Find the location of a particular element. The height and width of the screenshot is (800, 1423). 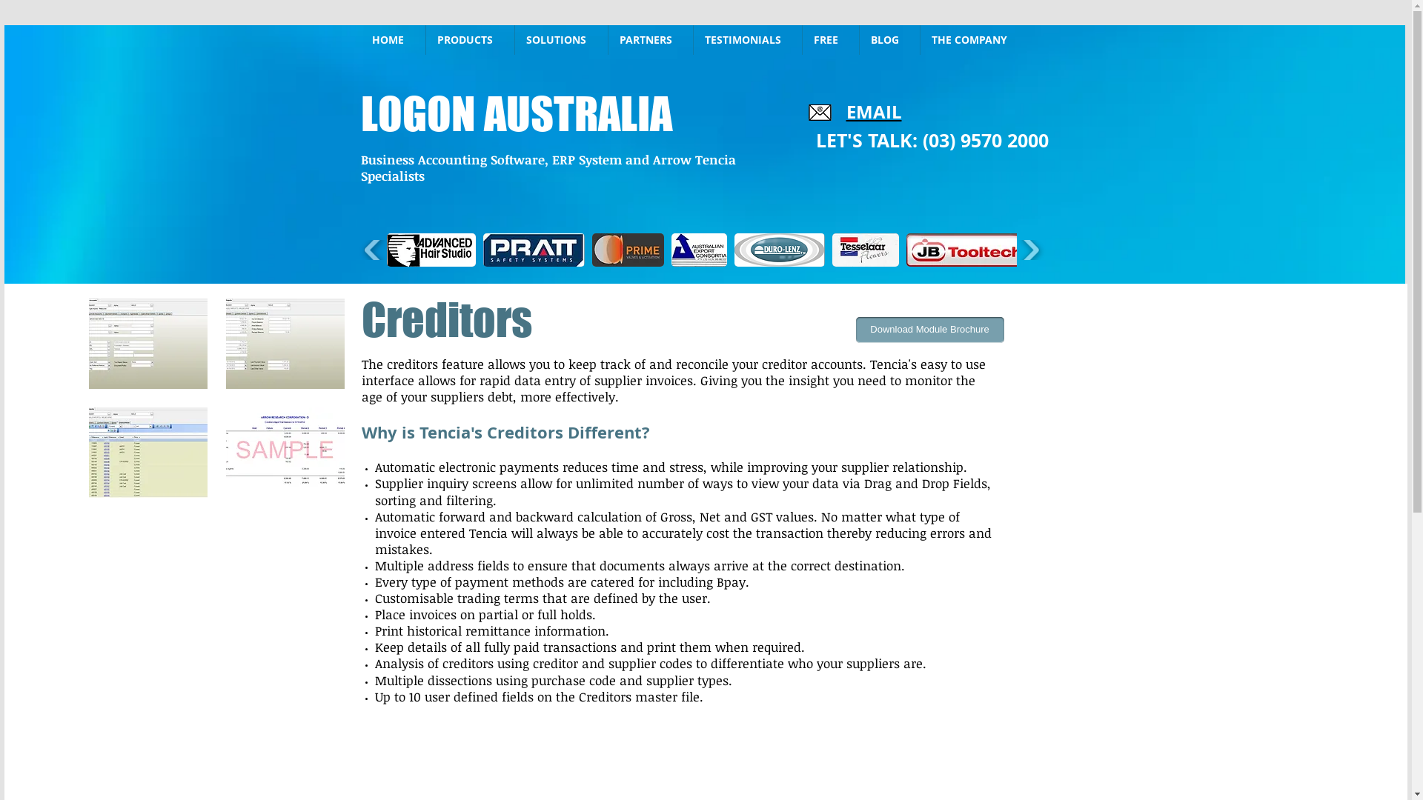

'EMAIL' is located at coordinates (874, 110).